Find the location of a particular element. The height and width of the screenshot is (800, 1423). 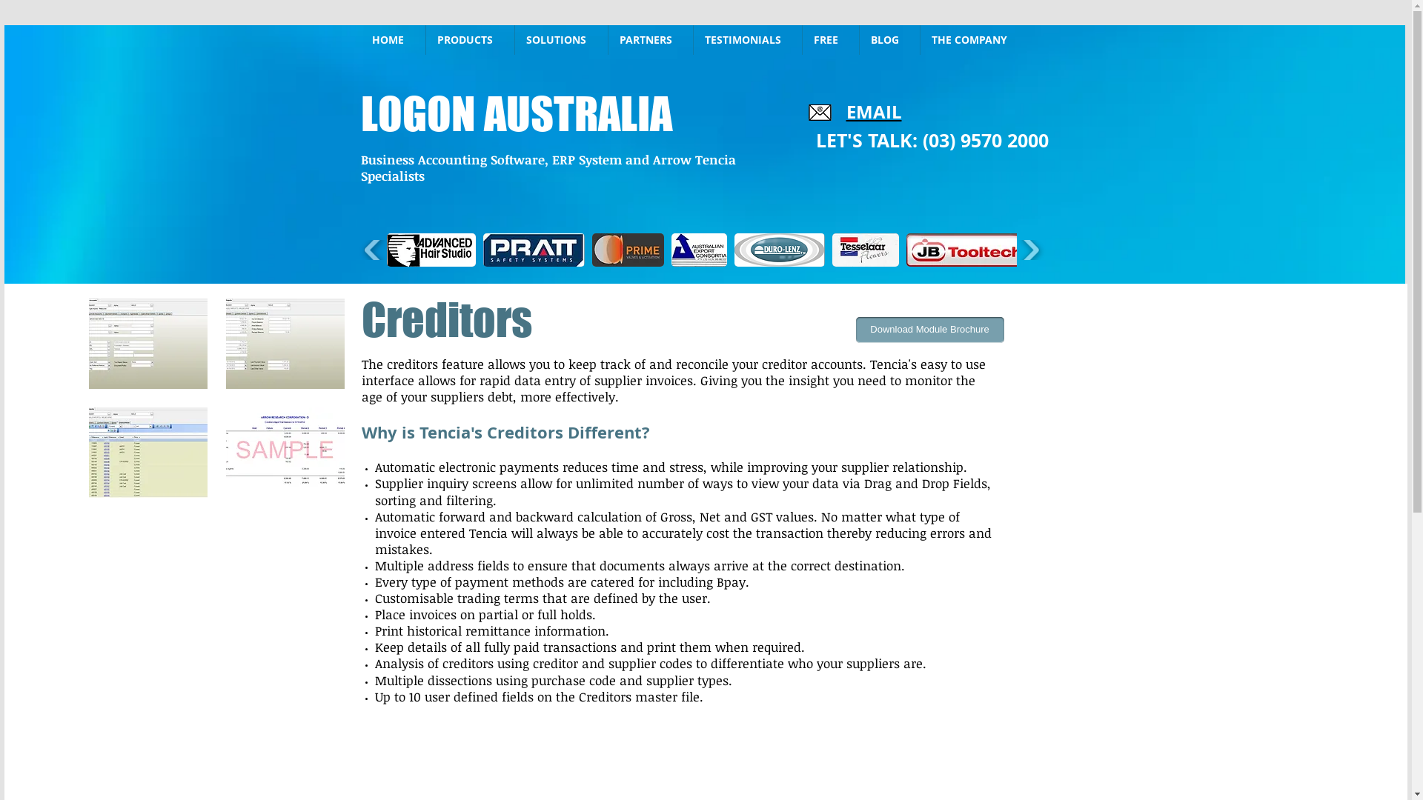

'EMAIL' is located at coordinates (874, 110).